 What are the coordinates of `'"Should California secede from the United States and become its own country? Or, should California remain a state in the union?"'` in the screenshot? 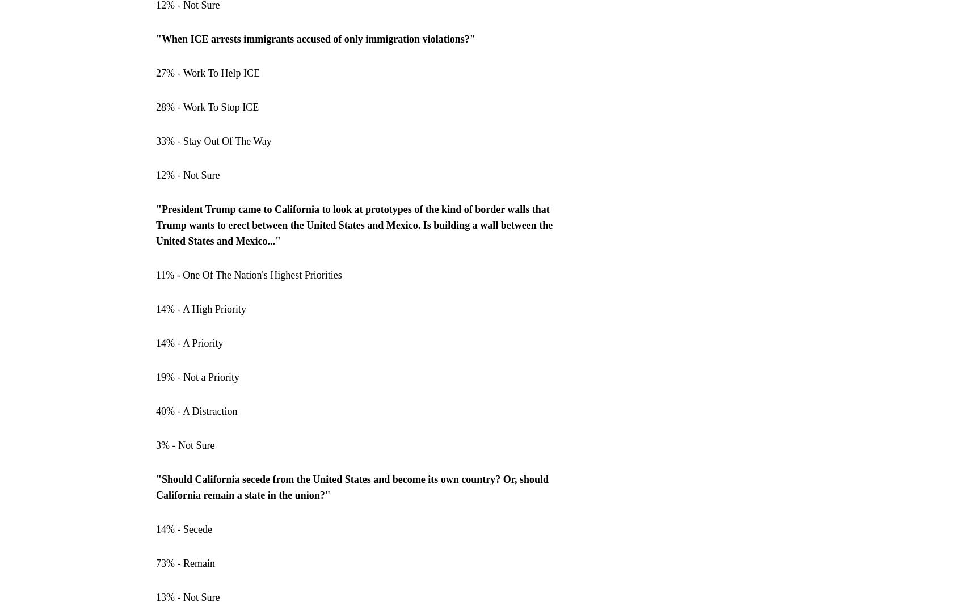 It's located at (351, 487).